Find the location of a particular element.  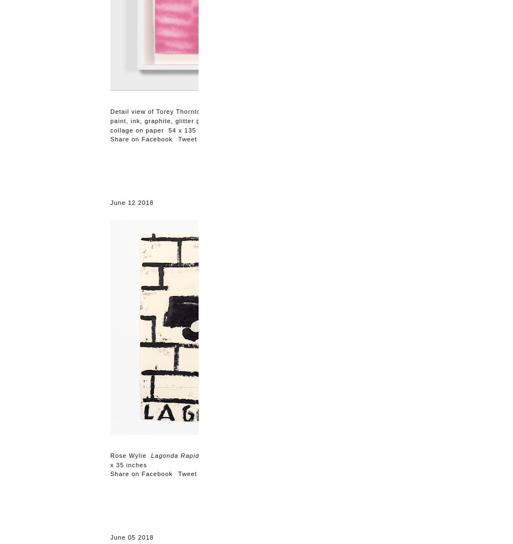

'Detail view of Torey Thornton' is located at coordinates (159, 111).